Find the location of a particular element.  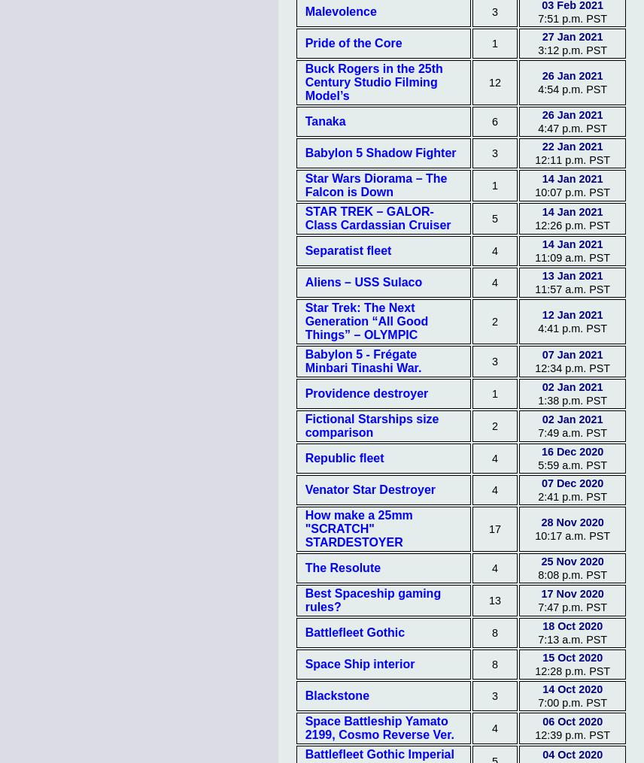

'8:08 p.m. PST' is located at coordinates (571, 574).